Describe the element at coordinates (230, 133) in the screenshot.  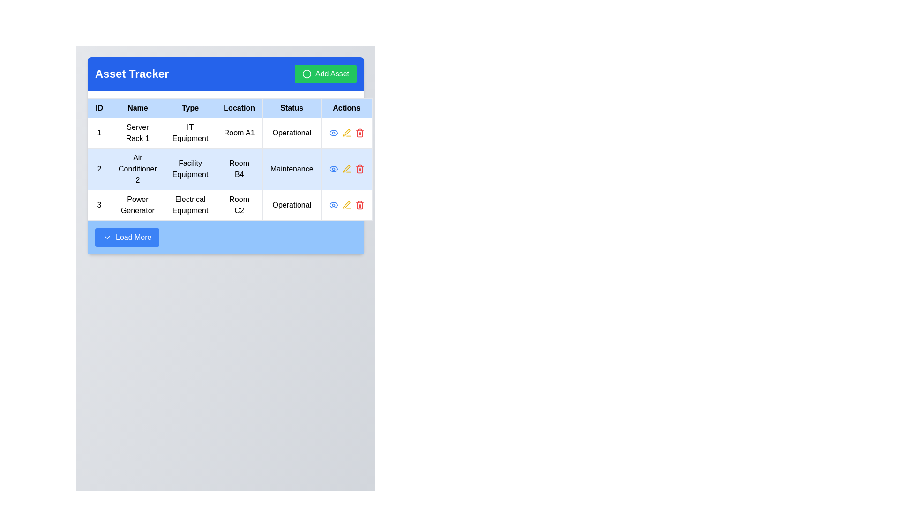
I see `data in the first row of the 'Asset Tracker' table, identifiable by the ID '1' and Name 'Server Rack 1'` at that location.